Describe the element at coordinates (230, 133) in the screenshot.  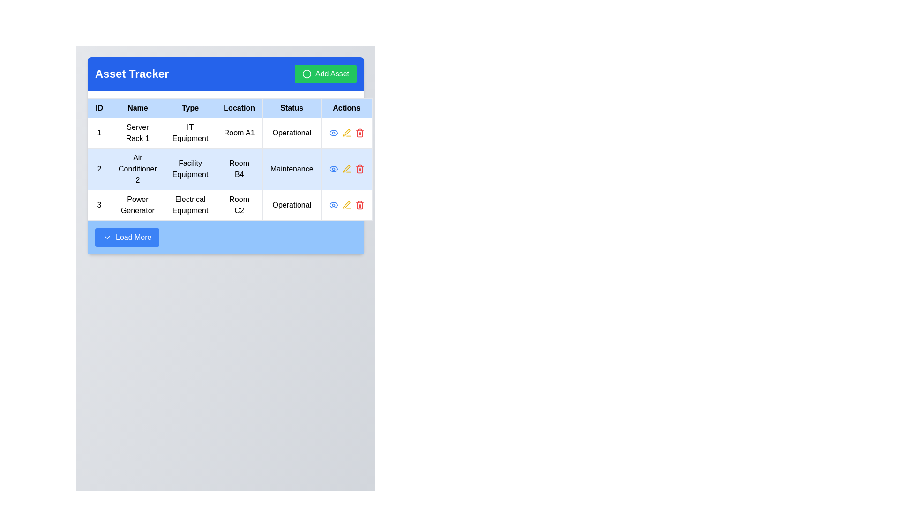
I see `data in the first row of the 'Asset Tracker' table, identifiable by the ID '1' and Name 'Server Rack 1'` at that location.